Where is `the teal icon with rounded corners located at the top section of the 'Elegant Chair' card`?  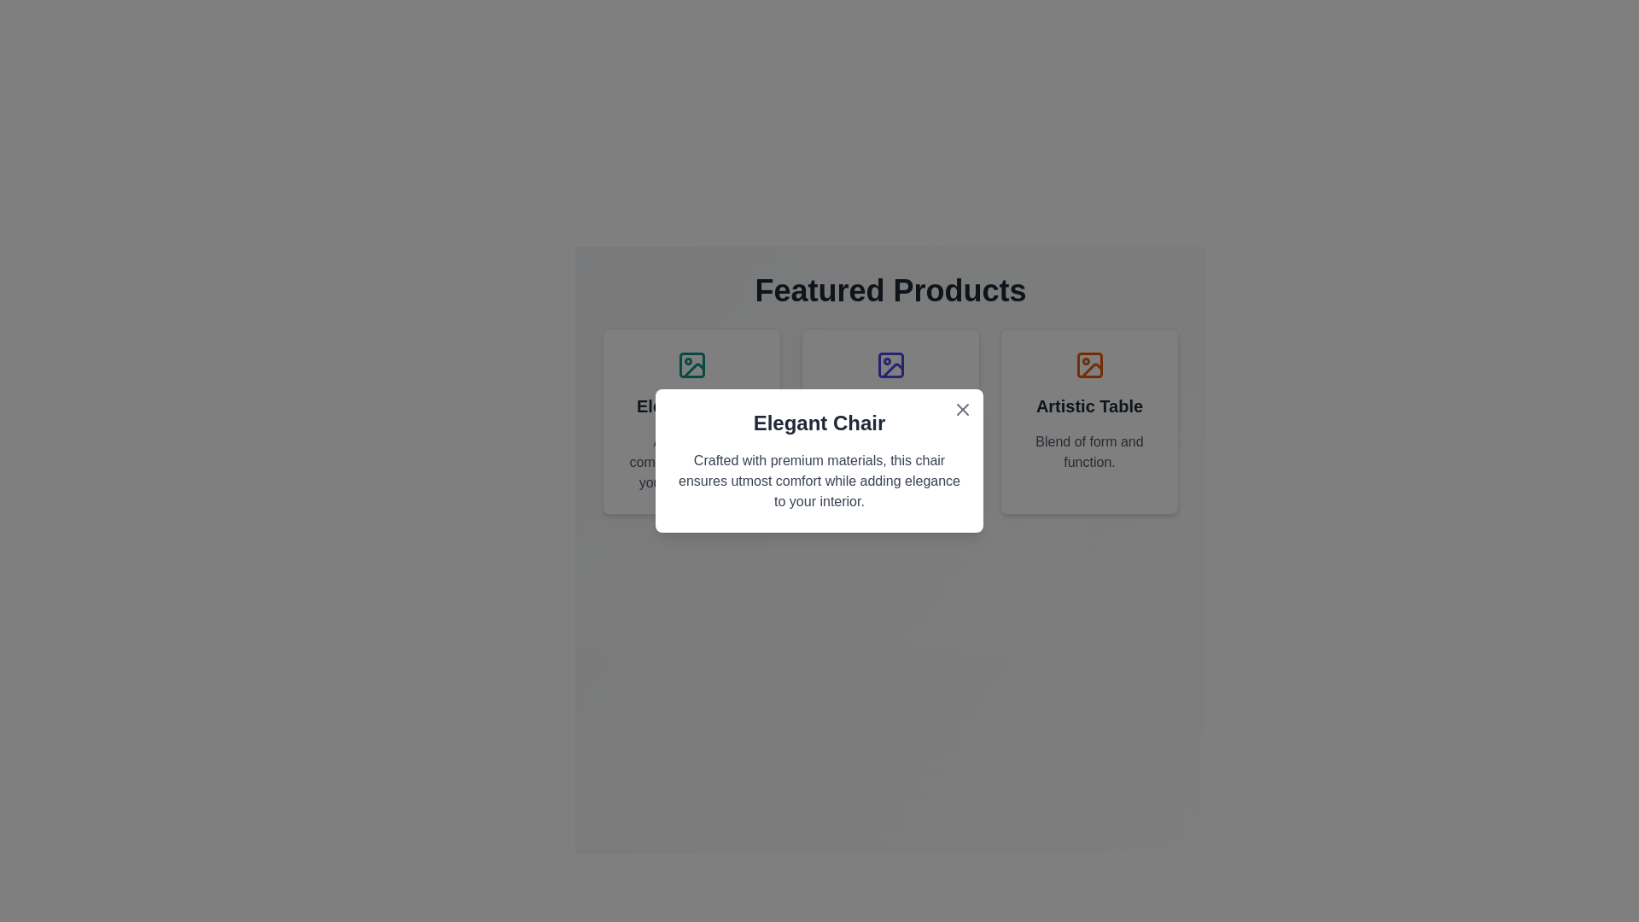 the teal icon with rounded corners located at the top section of the 'Elegant Chair' card is located at coordinates (691, 365).